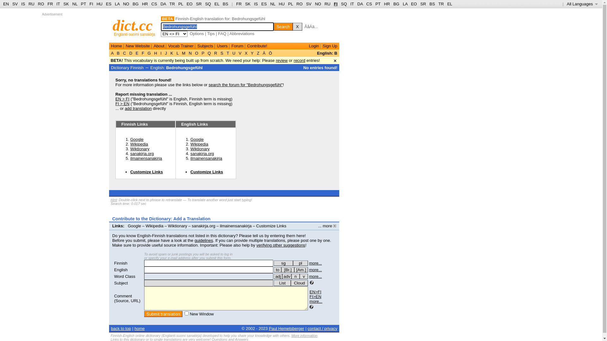 The height and width of the screenshot is (341, 607). Describe the element at coordinates (214, 4) in the screenshot. I see `'EL'` at that location.